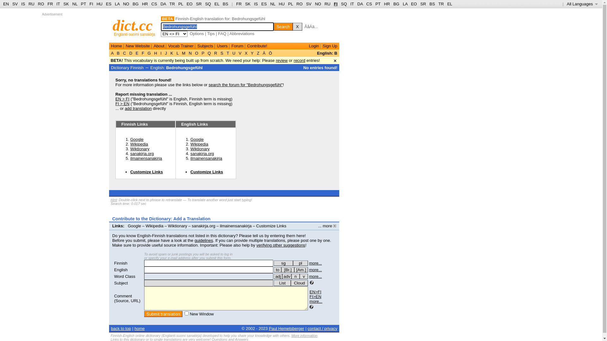 The height and width of the screenshot is (341, 607). Describe the element at coordinates (214, 4) in the screenshot. I see `'EL'` at that location.